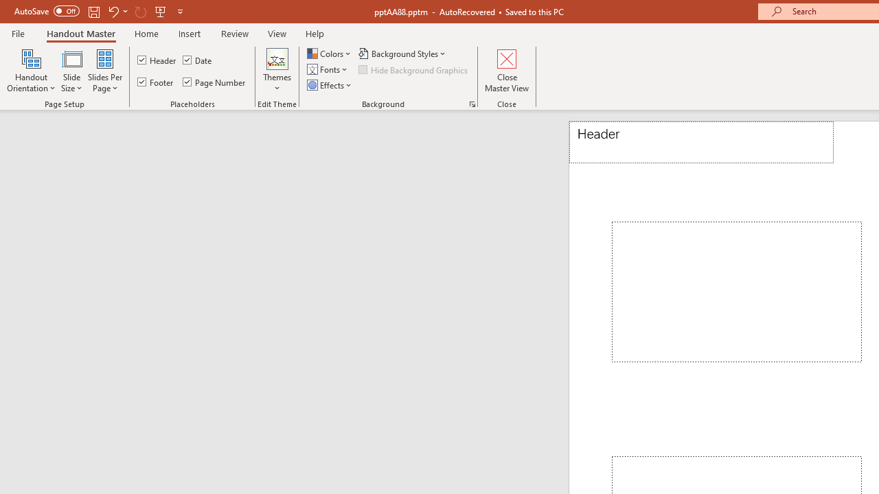 This screenshot has height=494, width=879. Describe the element at coordinates (80, 33) in the screenshot. I see `'Handout Master'` at that location.